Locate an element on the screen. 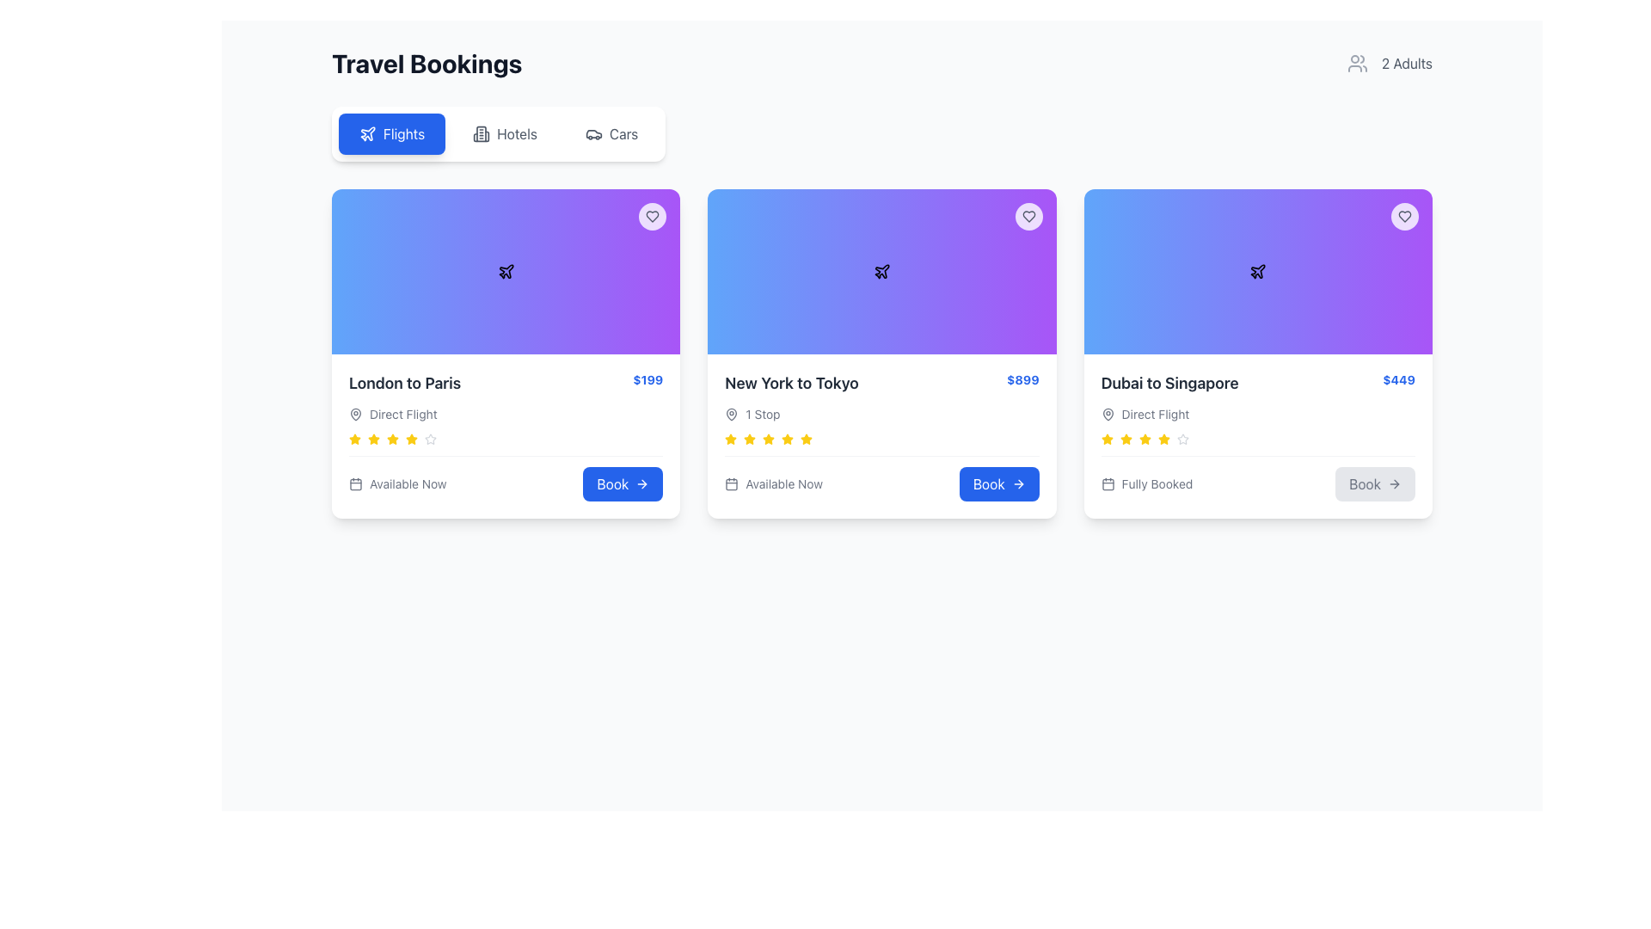 The image size is (1651, 929). the 'Hotels' category icon located in the horizontal menu under the 'Travel Bookings' header is located at coordinates (482, 132).